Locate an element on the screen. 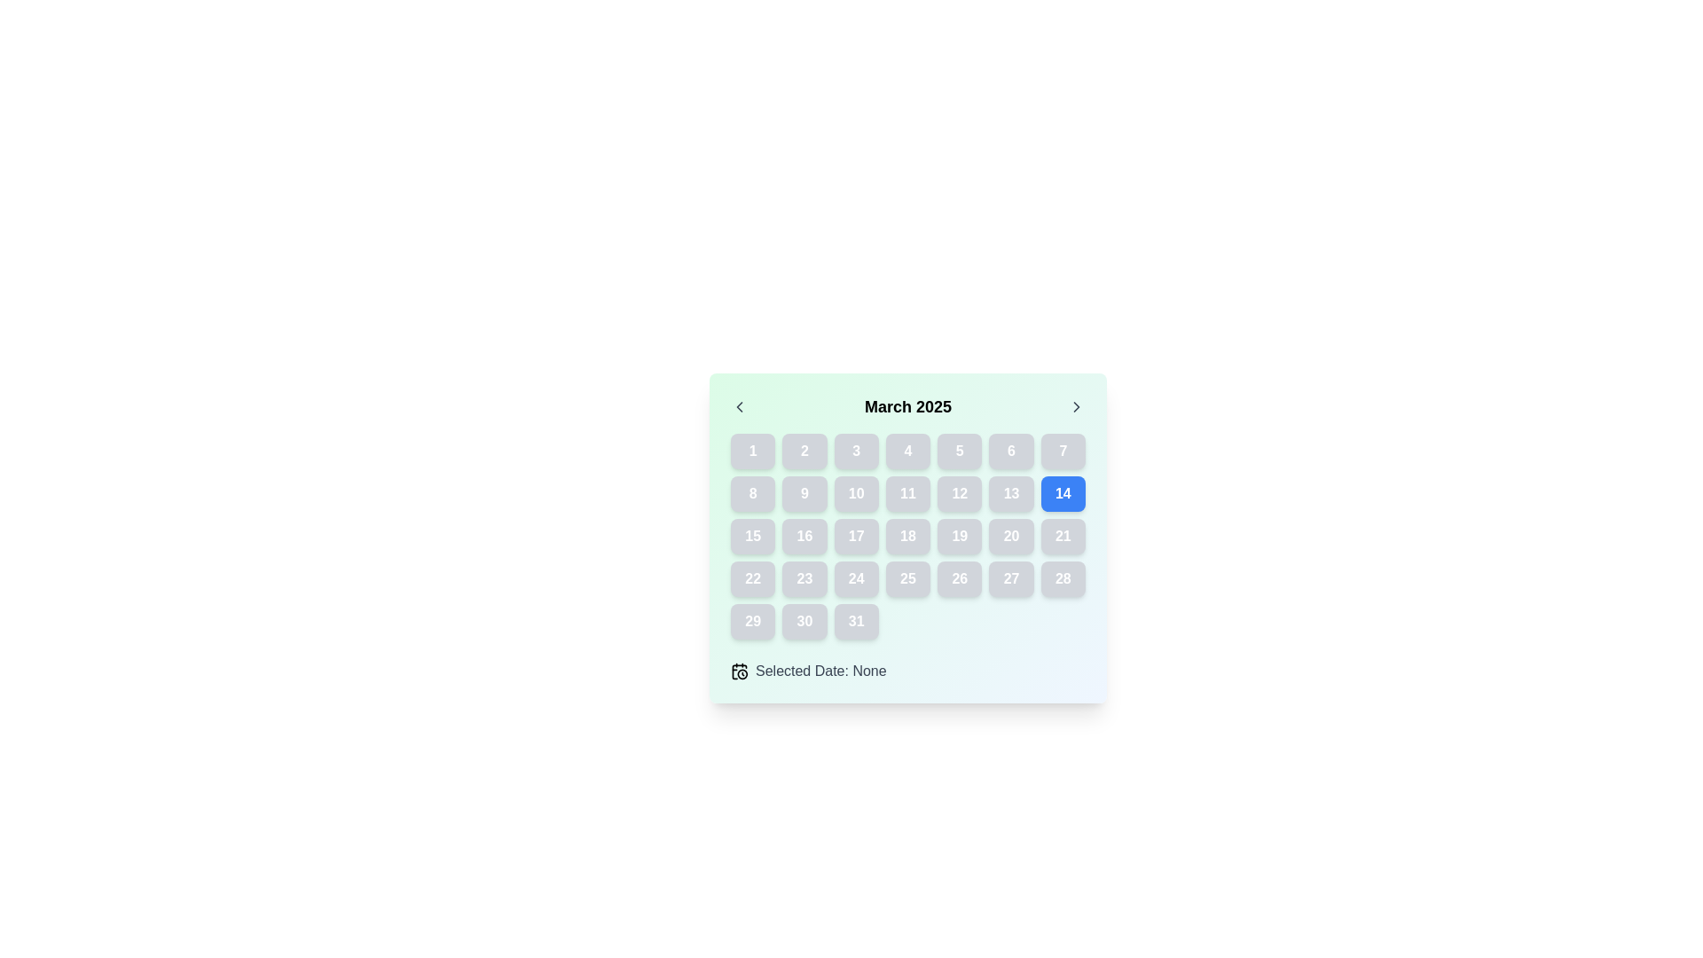  the button representing the 18th day in the calendar interface is located at coordinates (907, 536).